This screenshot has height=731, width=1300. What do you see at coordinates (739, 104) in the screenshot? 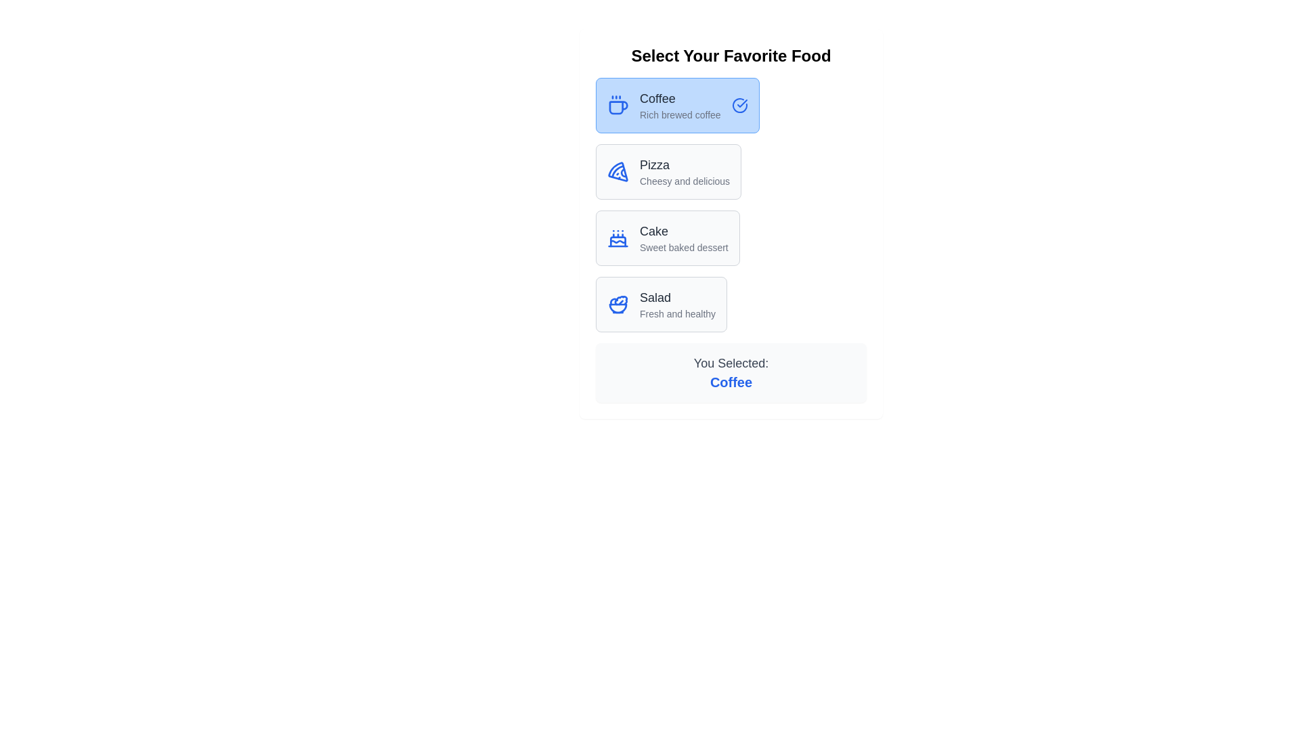
I see `the checkmark icon indicating the selection status of the list item 'Coffee Rich brewed coffee' positioned at the top-right corner of the item` at bounding box center [739, 104].